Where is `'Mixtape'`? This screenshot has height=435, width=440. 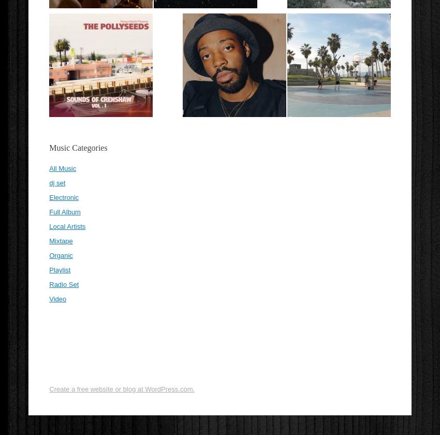
'Mixtape' is located at coordinates (49, 241).